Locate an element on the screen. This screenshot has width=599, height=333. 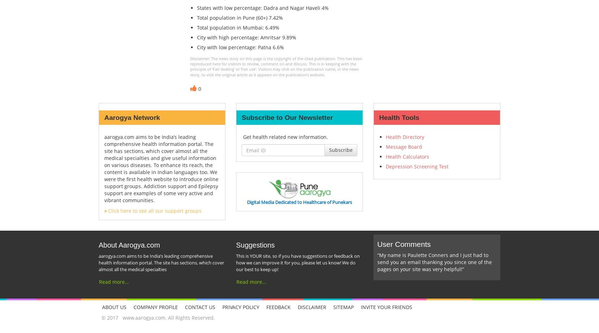
'User Comments' is located at coordinates (403, 243).